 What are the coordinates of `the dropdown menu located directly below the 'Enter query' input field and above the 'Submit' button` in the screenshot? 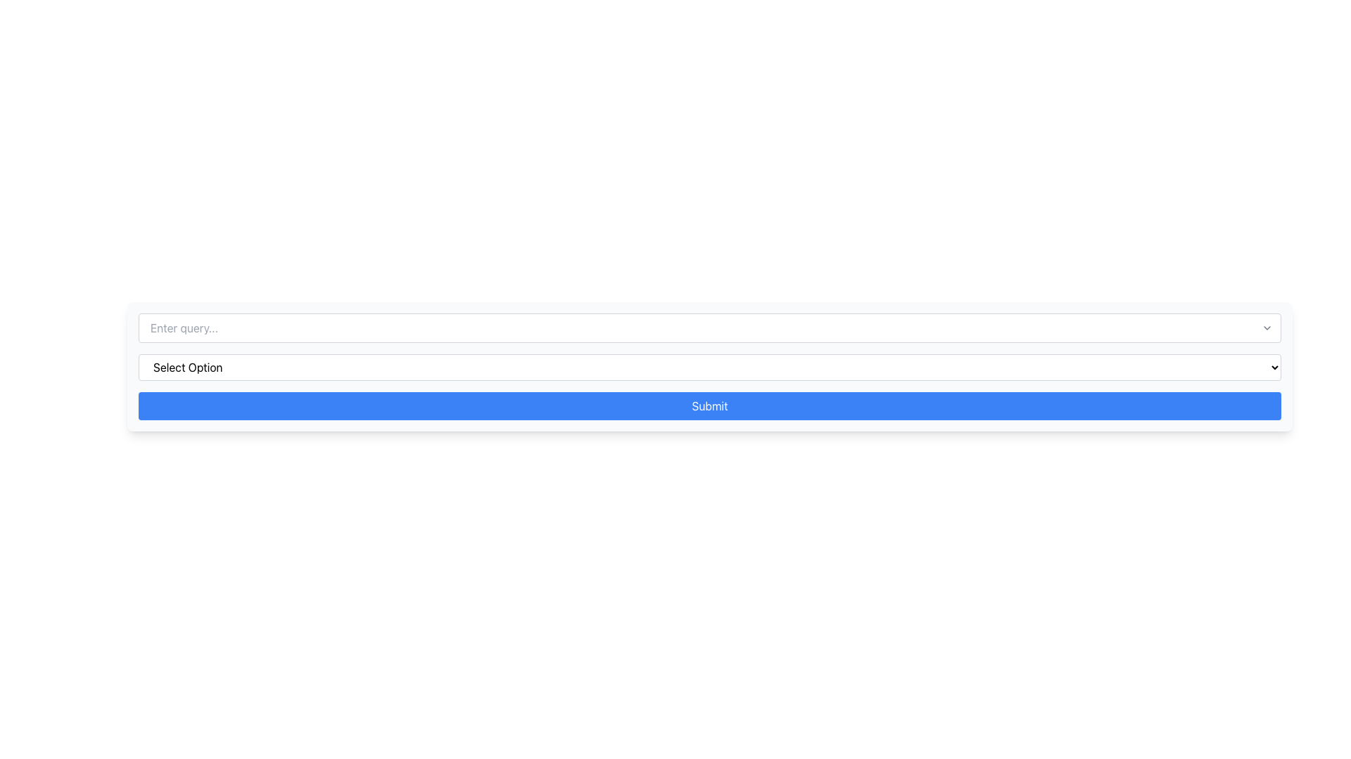 It's located at (709, 367).